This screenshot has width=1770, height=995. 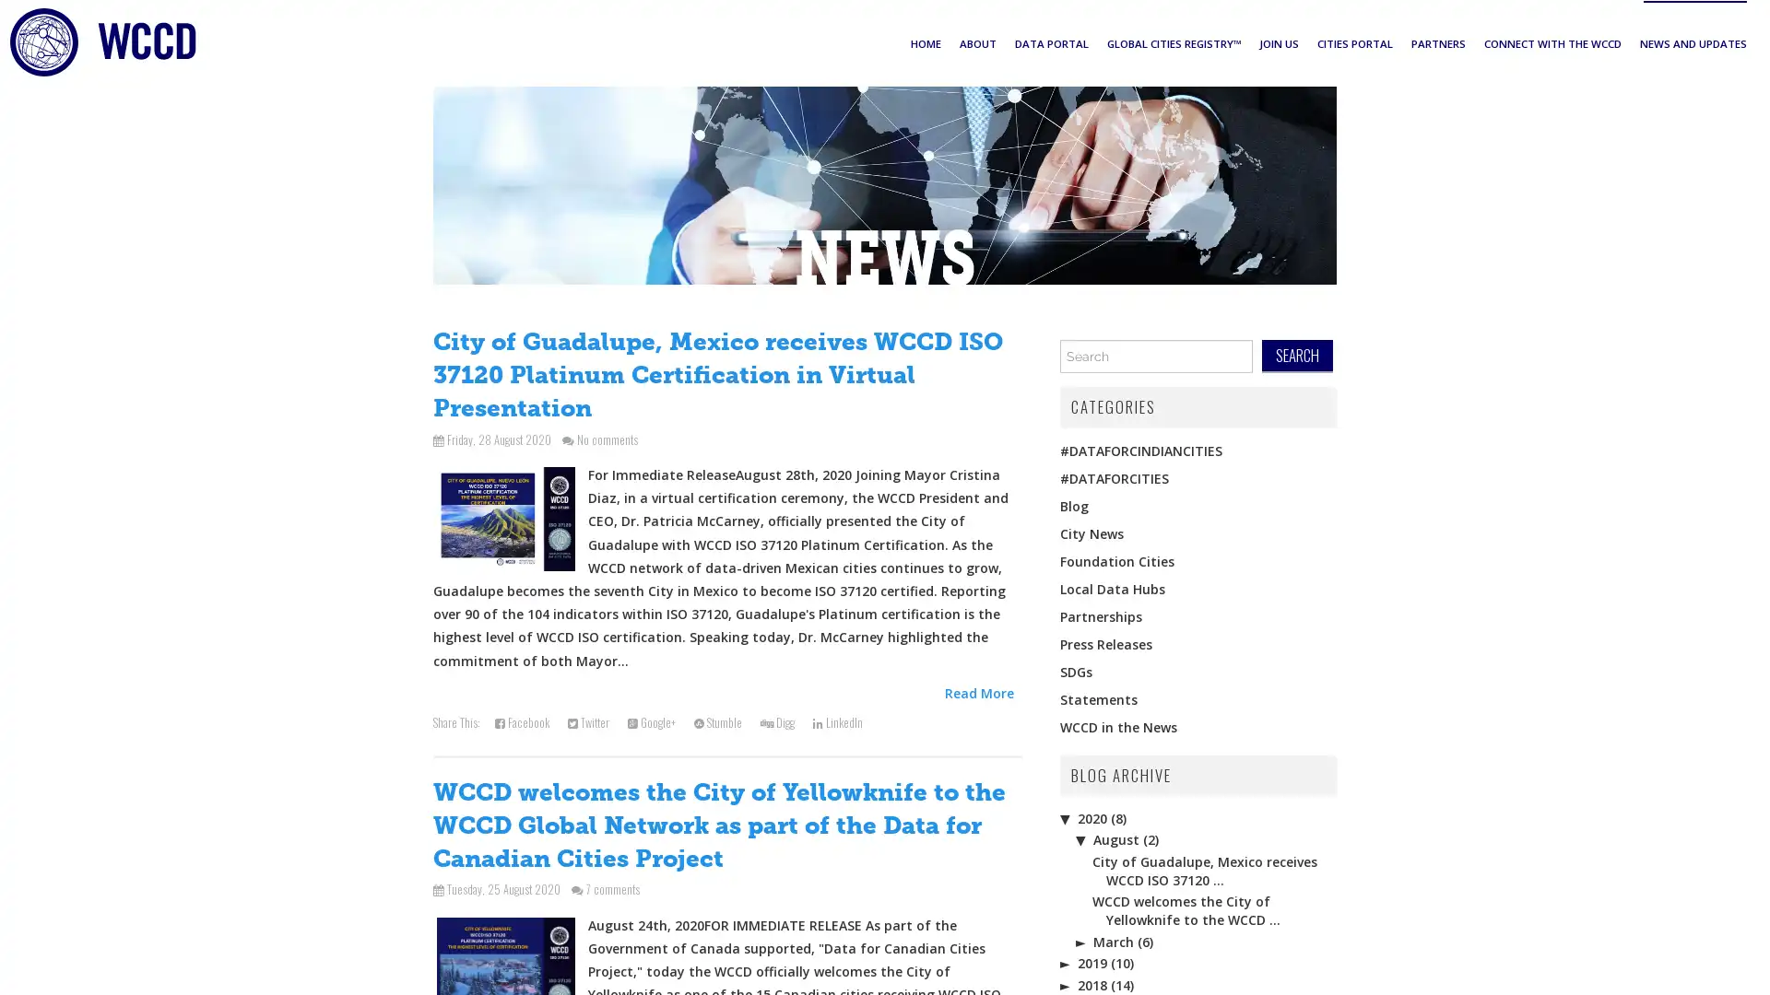 What do you see at coordinates (1296, 356) in the screenshot?
I see `Search` at bounding box center [1296, 356].